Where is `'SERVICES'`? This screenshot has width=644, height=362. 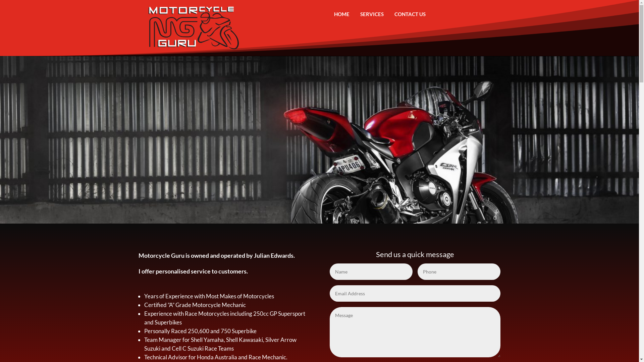
'SERVICES' is located at coordinates (371, 14).